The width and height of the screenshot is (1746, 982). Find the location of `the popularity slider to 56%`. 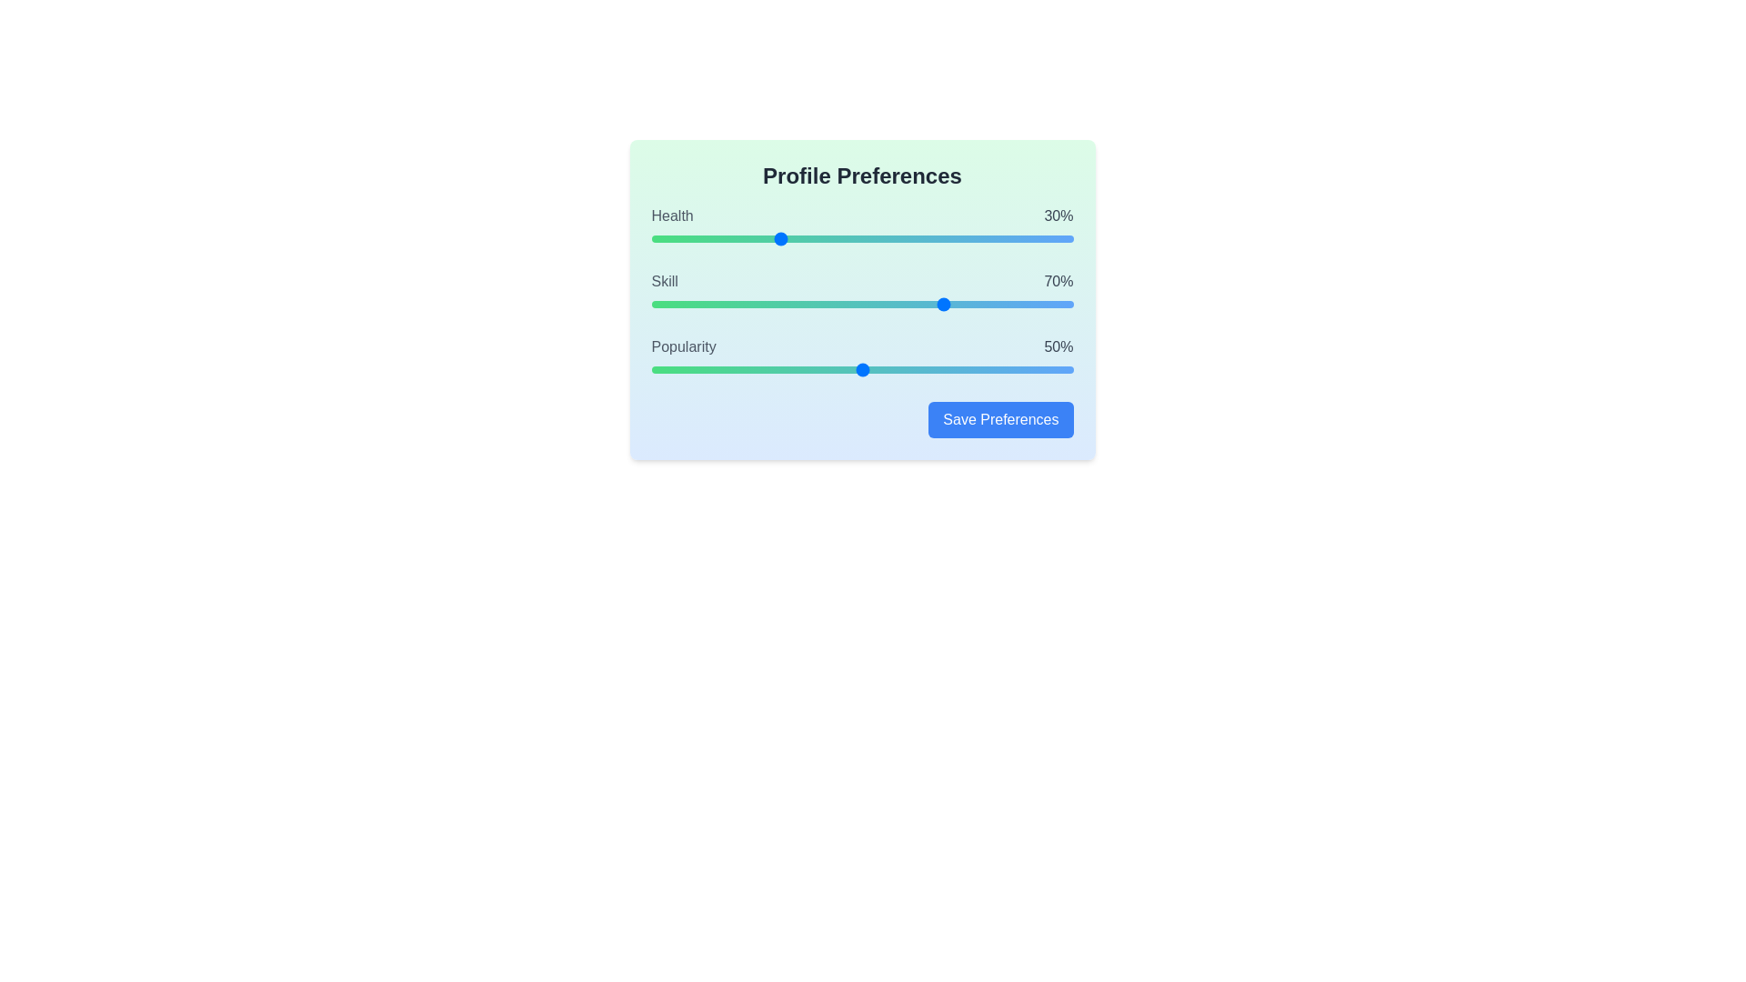

the popularity slider to 56% is located at coordinates (888, 369).